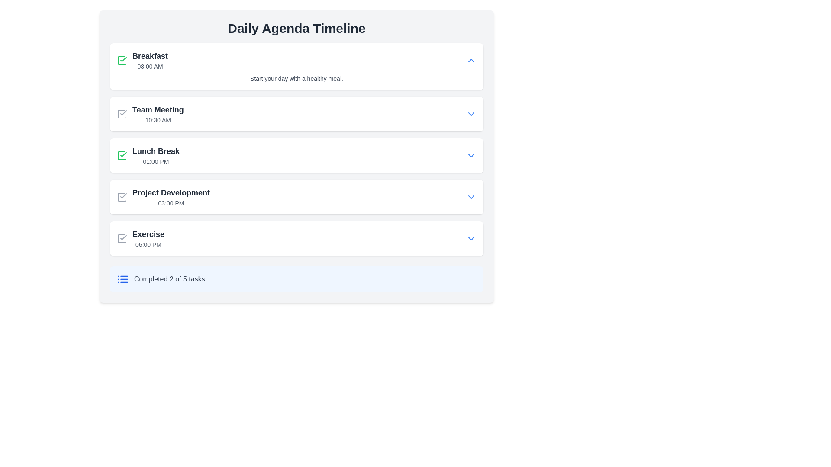 This screenshot has width=831, height=467. What do you see at coordinates (296, 279) in the screenshot?
I see `task completion information displayed on the Progress Summary Panel, which shows 'Completed 2 of 5 tasks.'` at bounding box center [296, 279].